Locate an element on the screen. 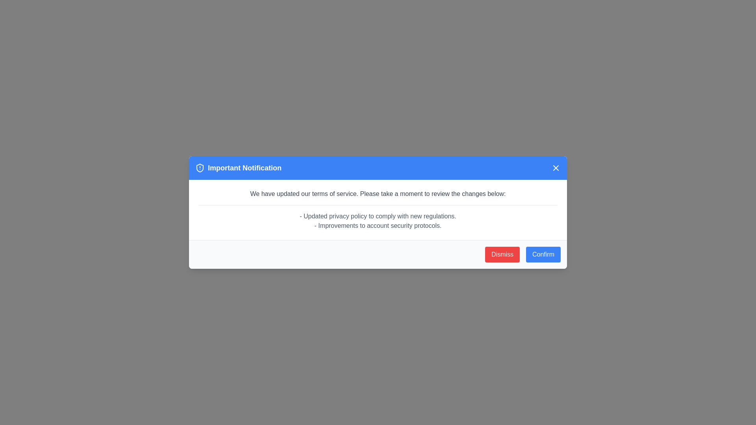  the 'Confirm' button to acknowledge the notification is located at coordinates (543, 255).